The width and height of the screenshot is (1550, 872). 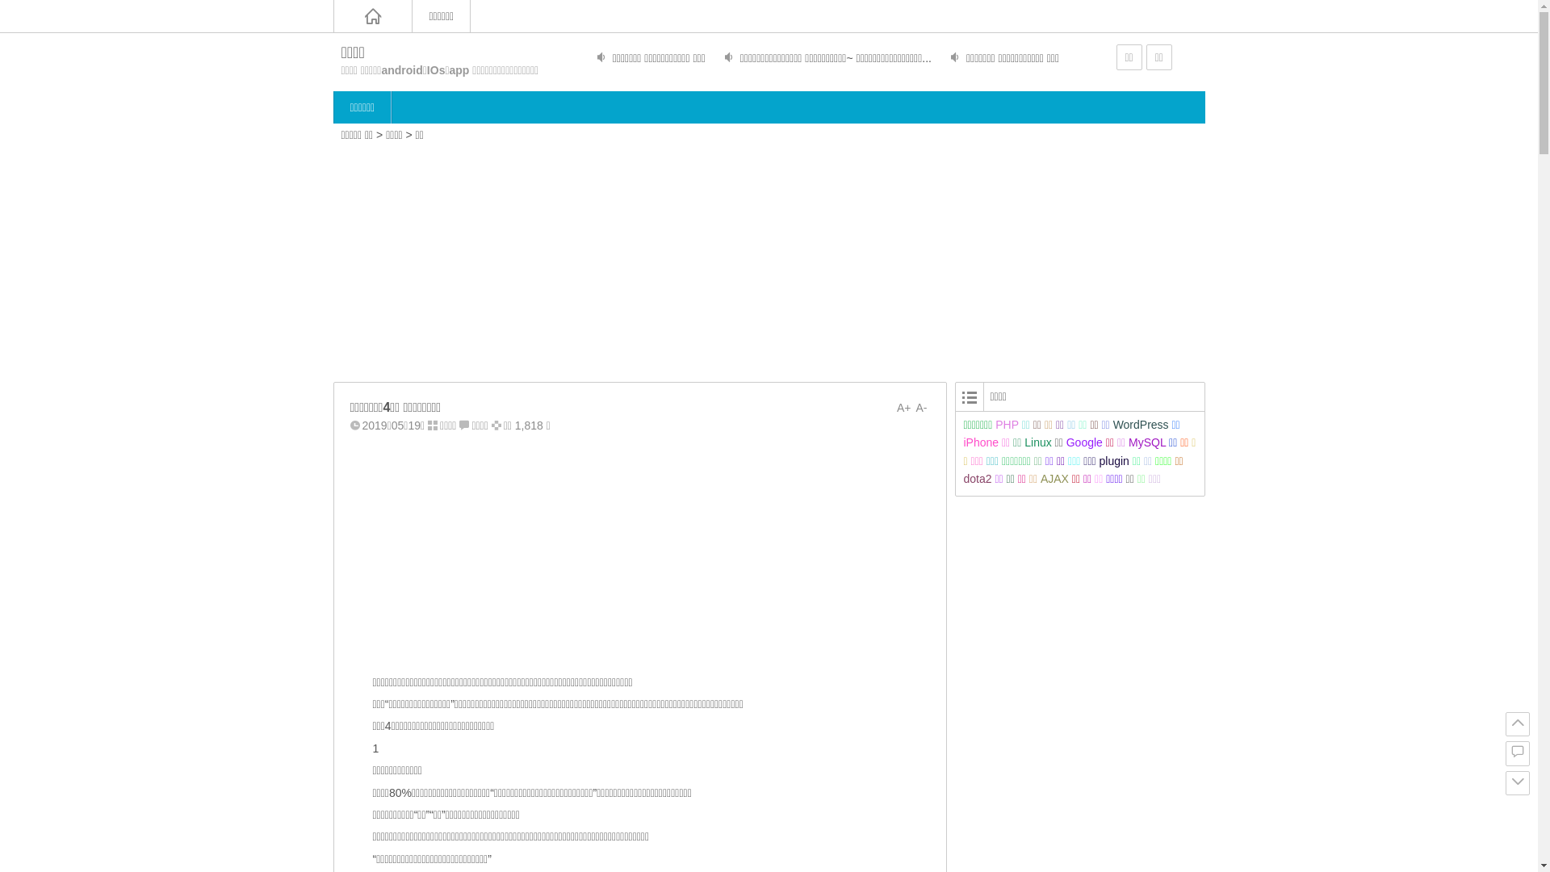 What do you see at coordinates (1084, 442) in the screenshot?
I see `'Google'` at bounding box center [1084, 442].